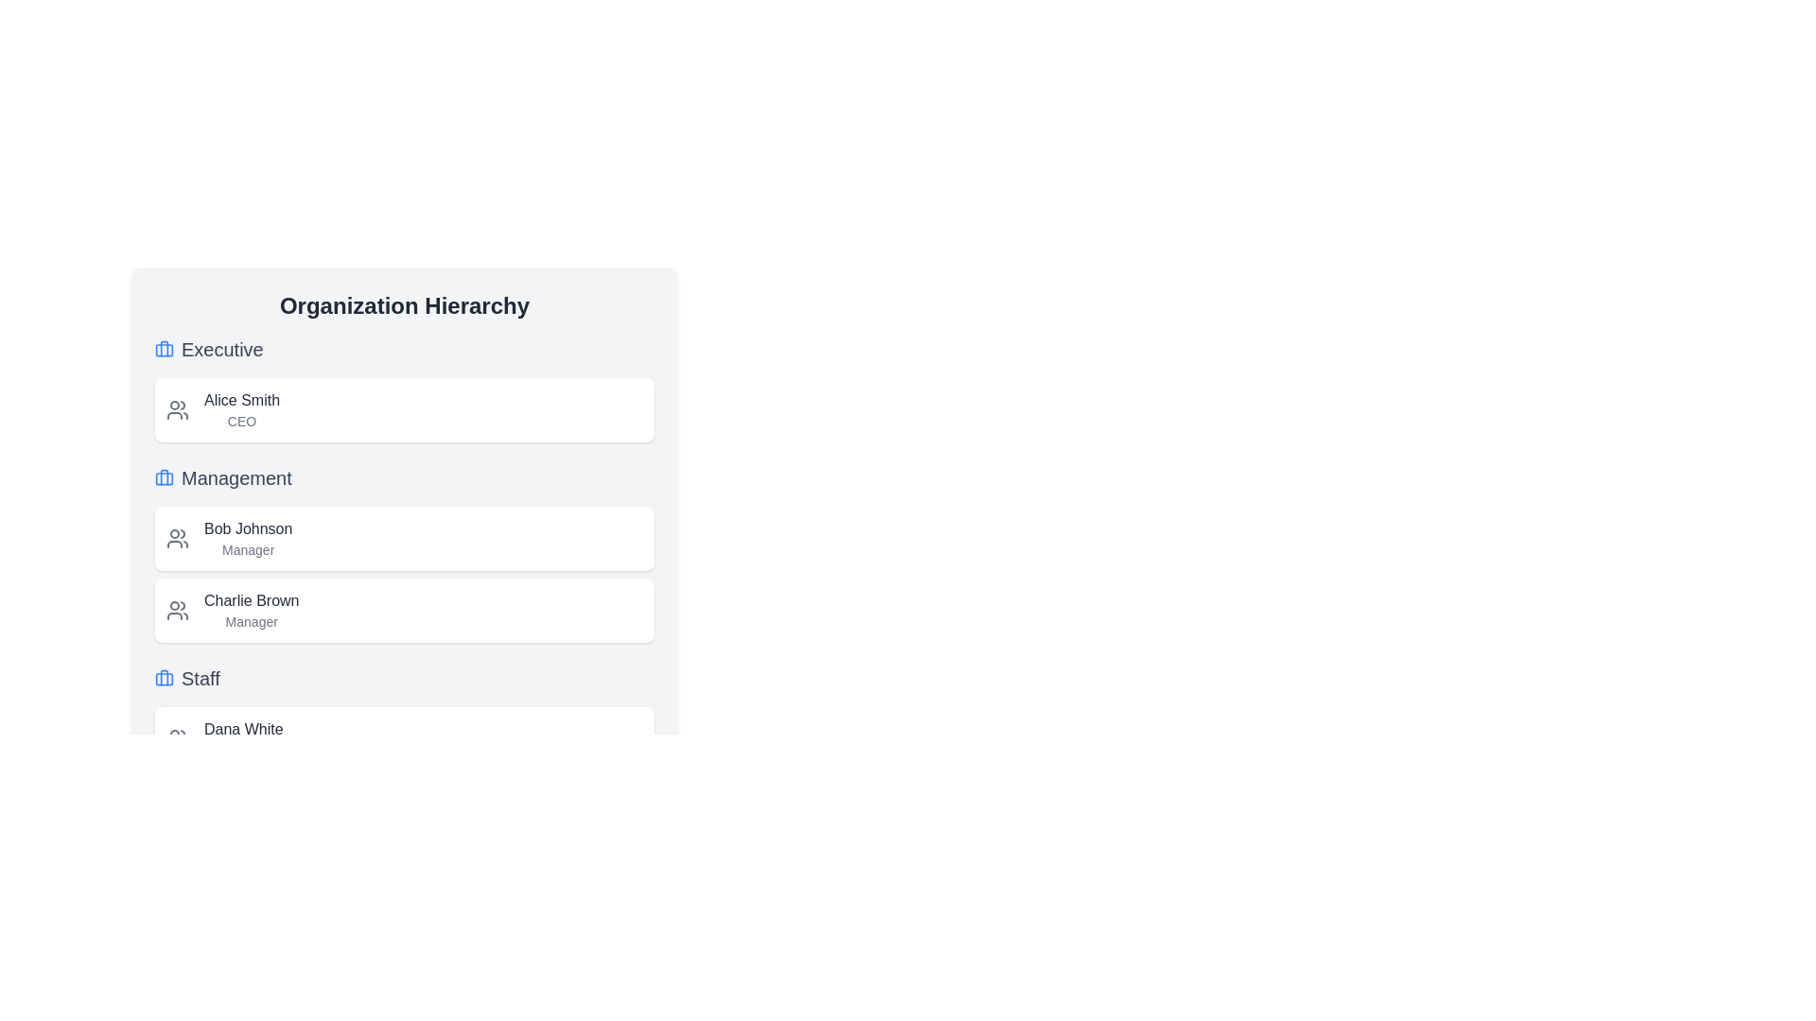 This screenshot has height=1021, width=1816. What do you see at coordinates (240, 421) in the screenshot?
I see `the small text label displaying 'CEO' in gray, located beneath 'Alice Smith' in the 'Executive' section of the hierarchy chart` at bounding box center [240, 421].